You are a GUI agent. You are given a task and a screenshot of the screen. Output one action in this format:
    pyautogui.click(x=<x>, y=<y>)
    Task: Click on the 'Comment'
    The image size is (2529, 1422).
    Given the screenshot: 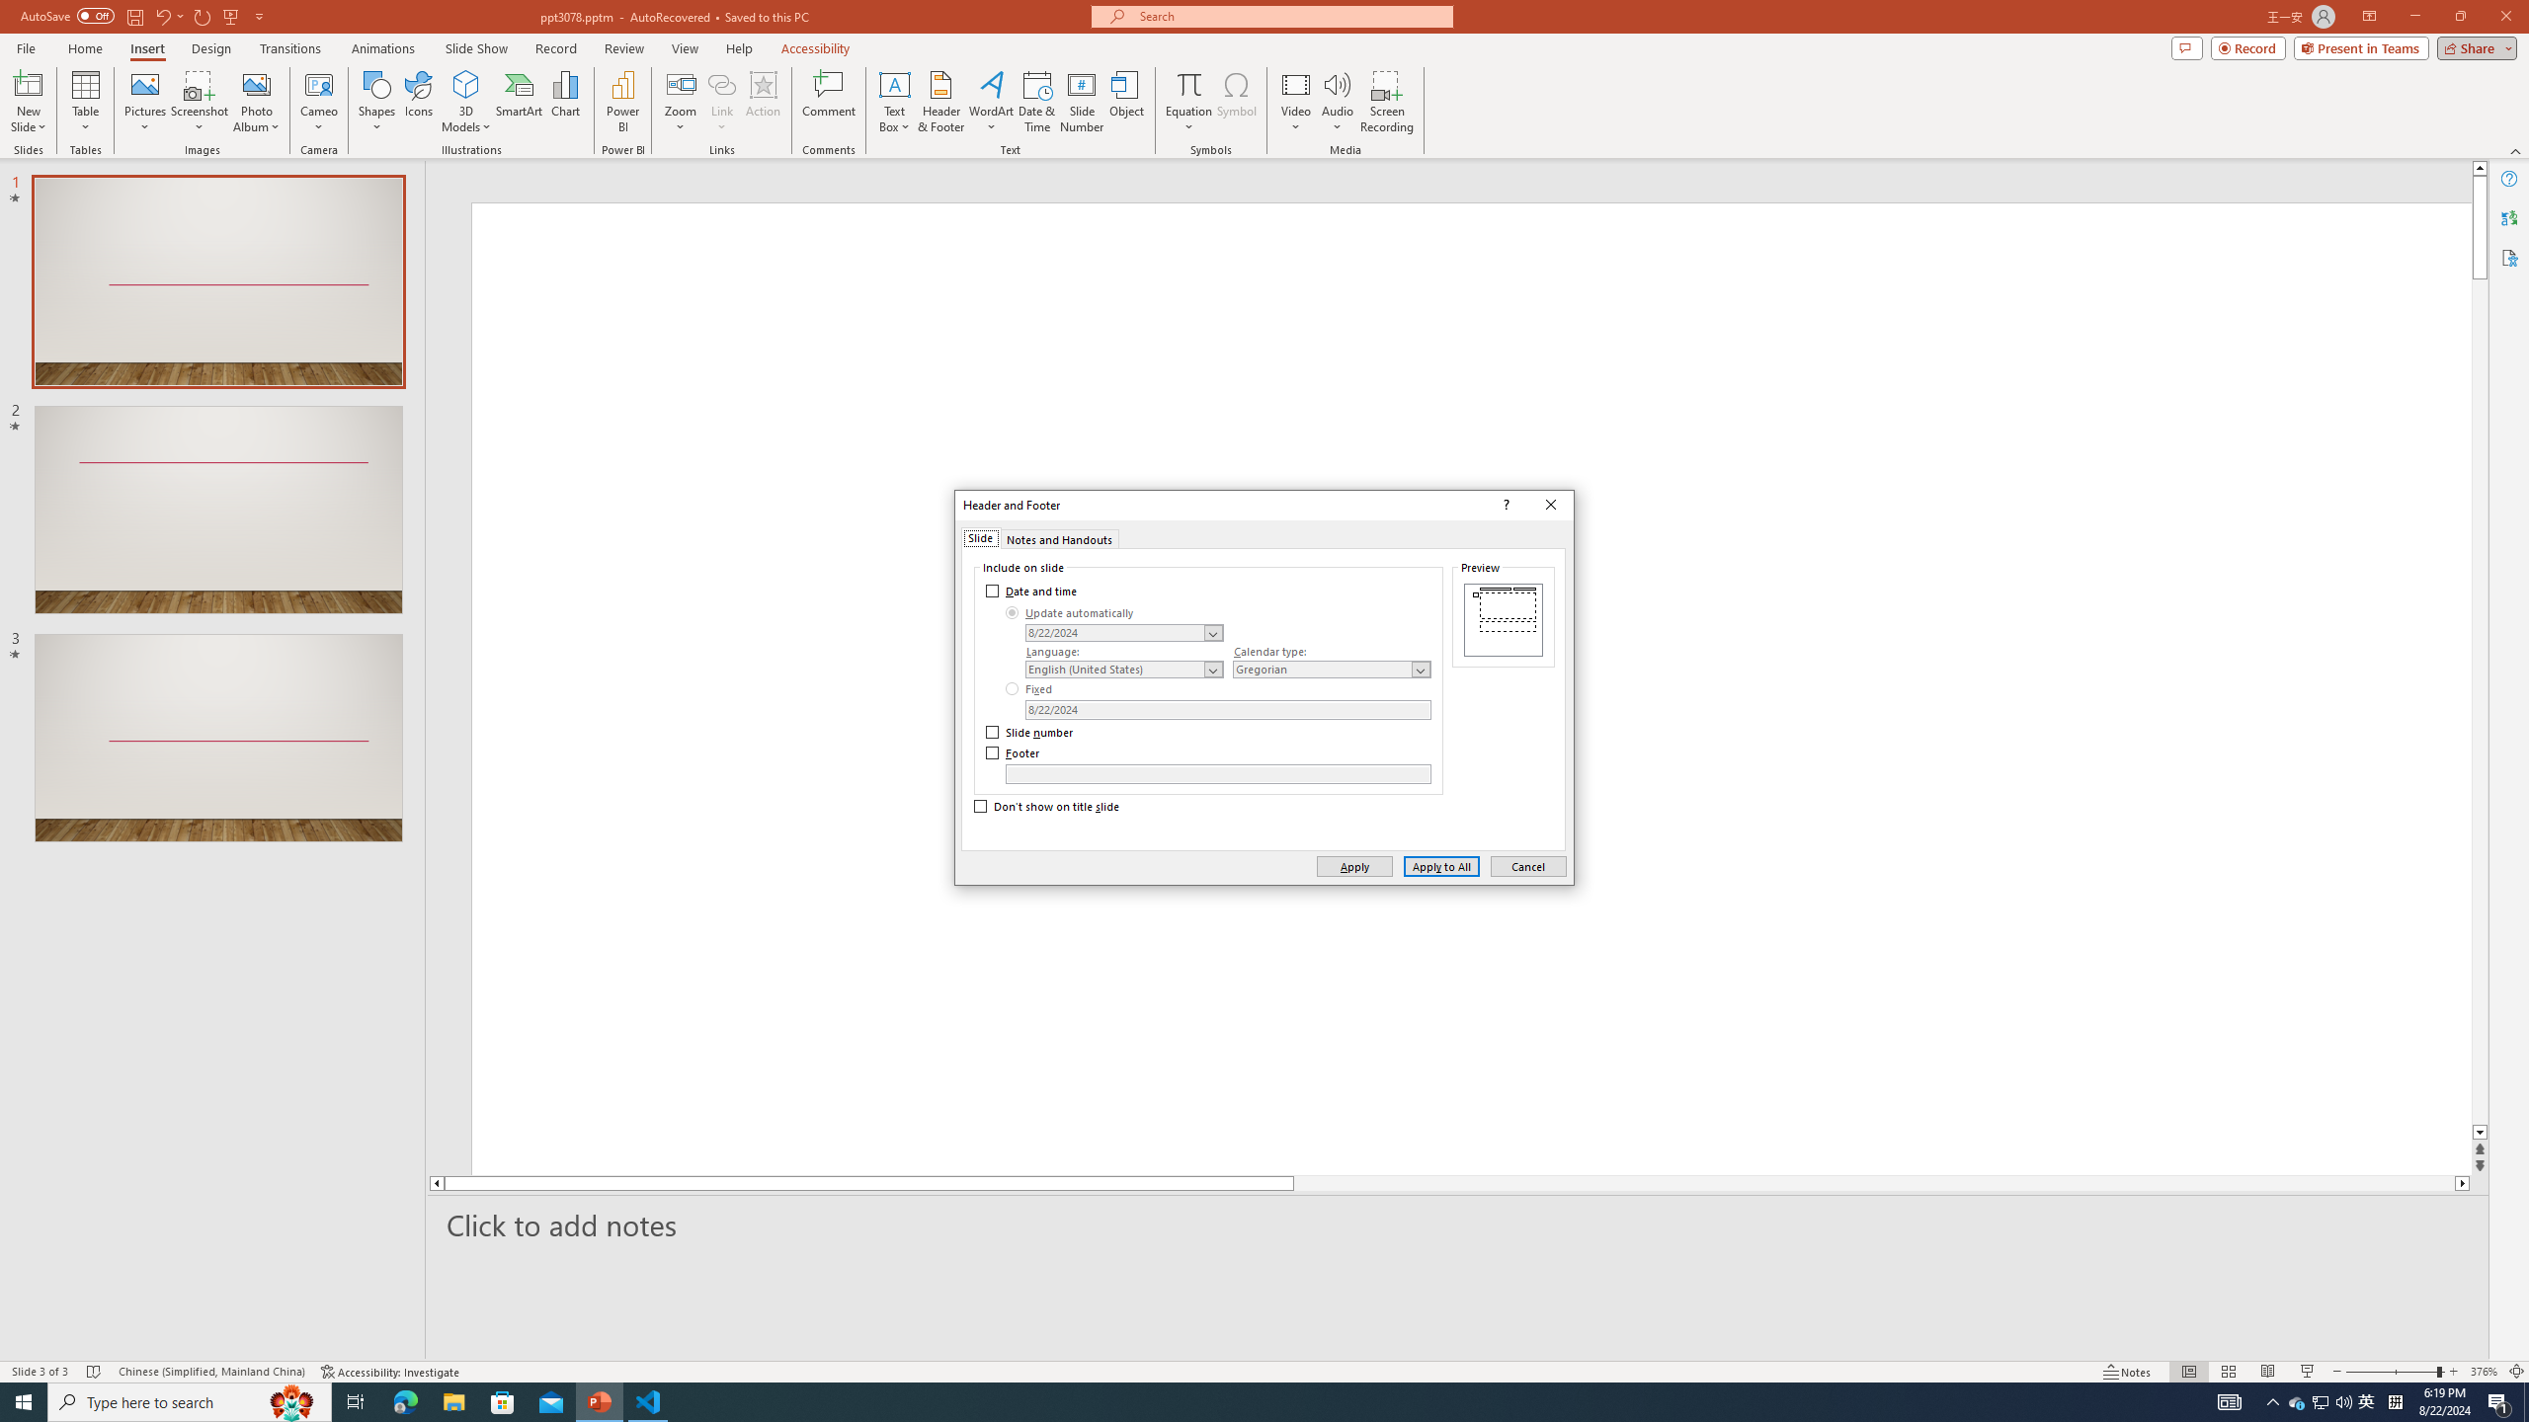 What is the action you would take?
    pyautogui.click(x=827, y=102)
    